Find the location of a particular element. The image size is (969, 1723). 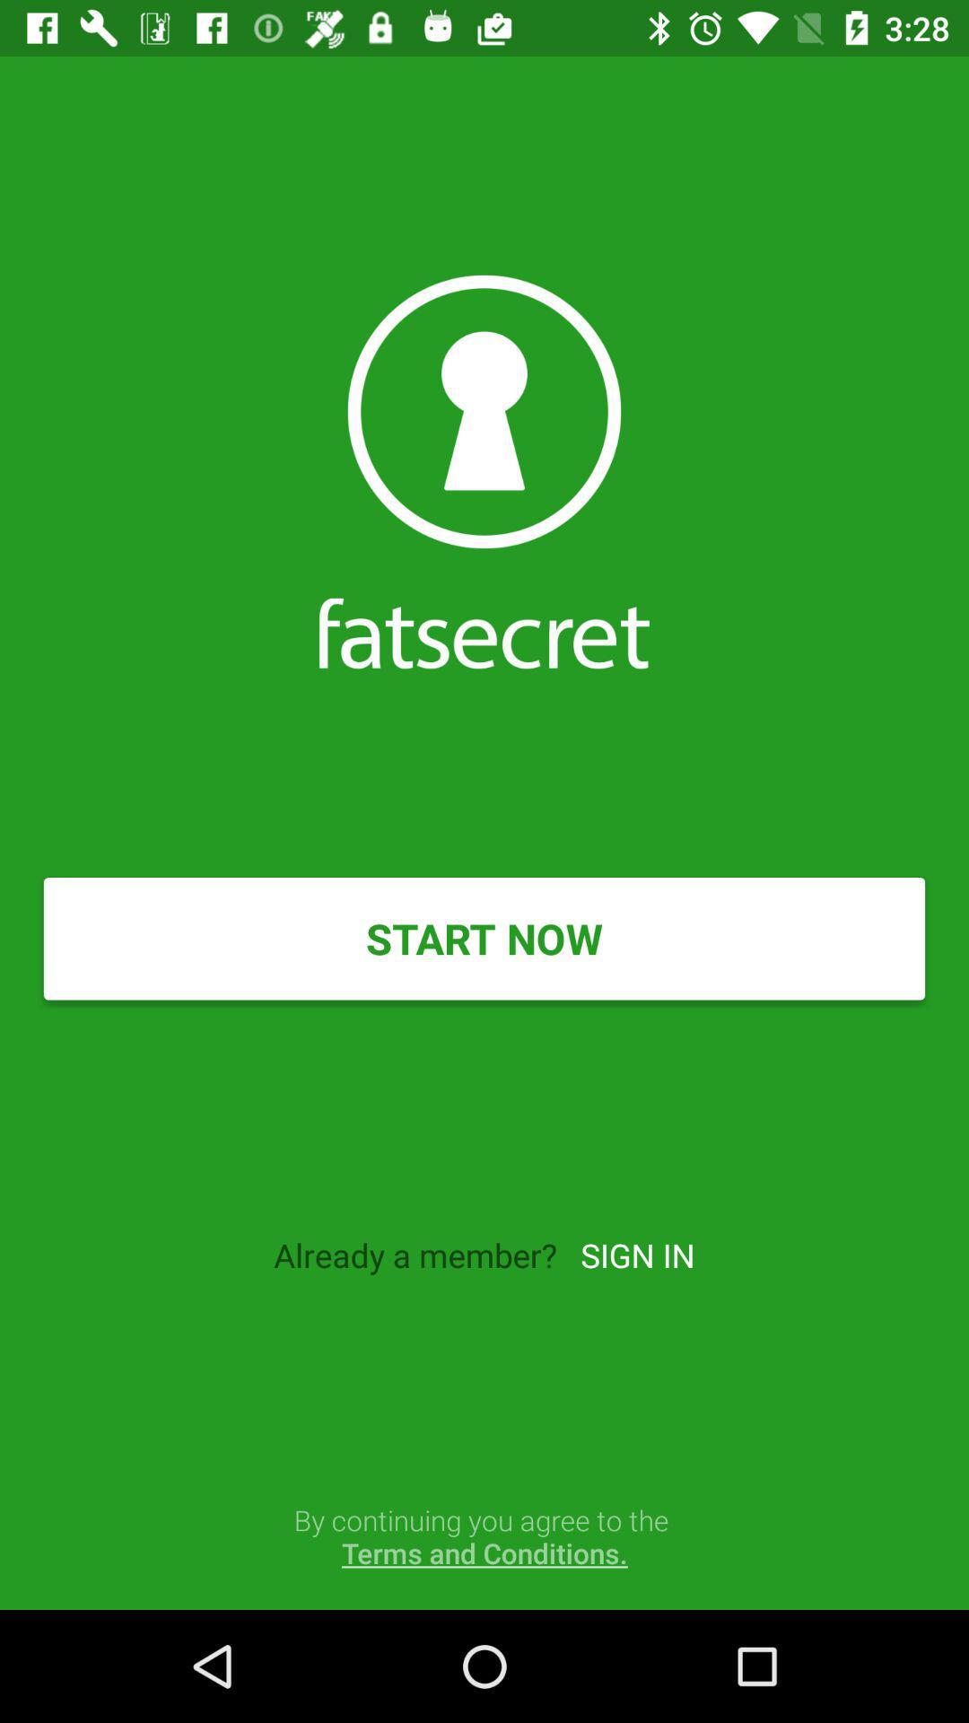

icon next to already a member? is located at coordinates (636, 1254).